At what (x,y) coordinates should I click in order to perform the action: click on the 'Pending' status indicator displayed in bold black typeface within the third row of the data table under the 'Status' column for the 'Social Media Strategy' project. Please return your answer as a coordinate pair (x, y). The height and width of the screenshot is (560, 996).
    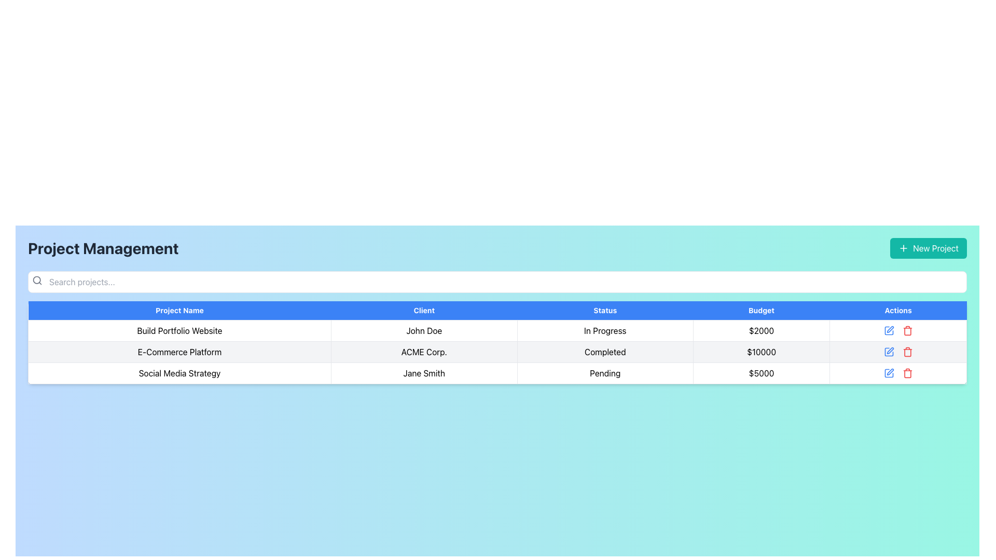
    Looking at the image, I should click on (605, 373).